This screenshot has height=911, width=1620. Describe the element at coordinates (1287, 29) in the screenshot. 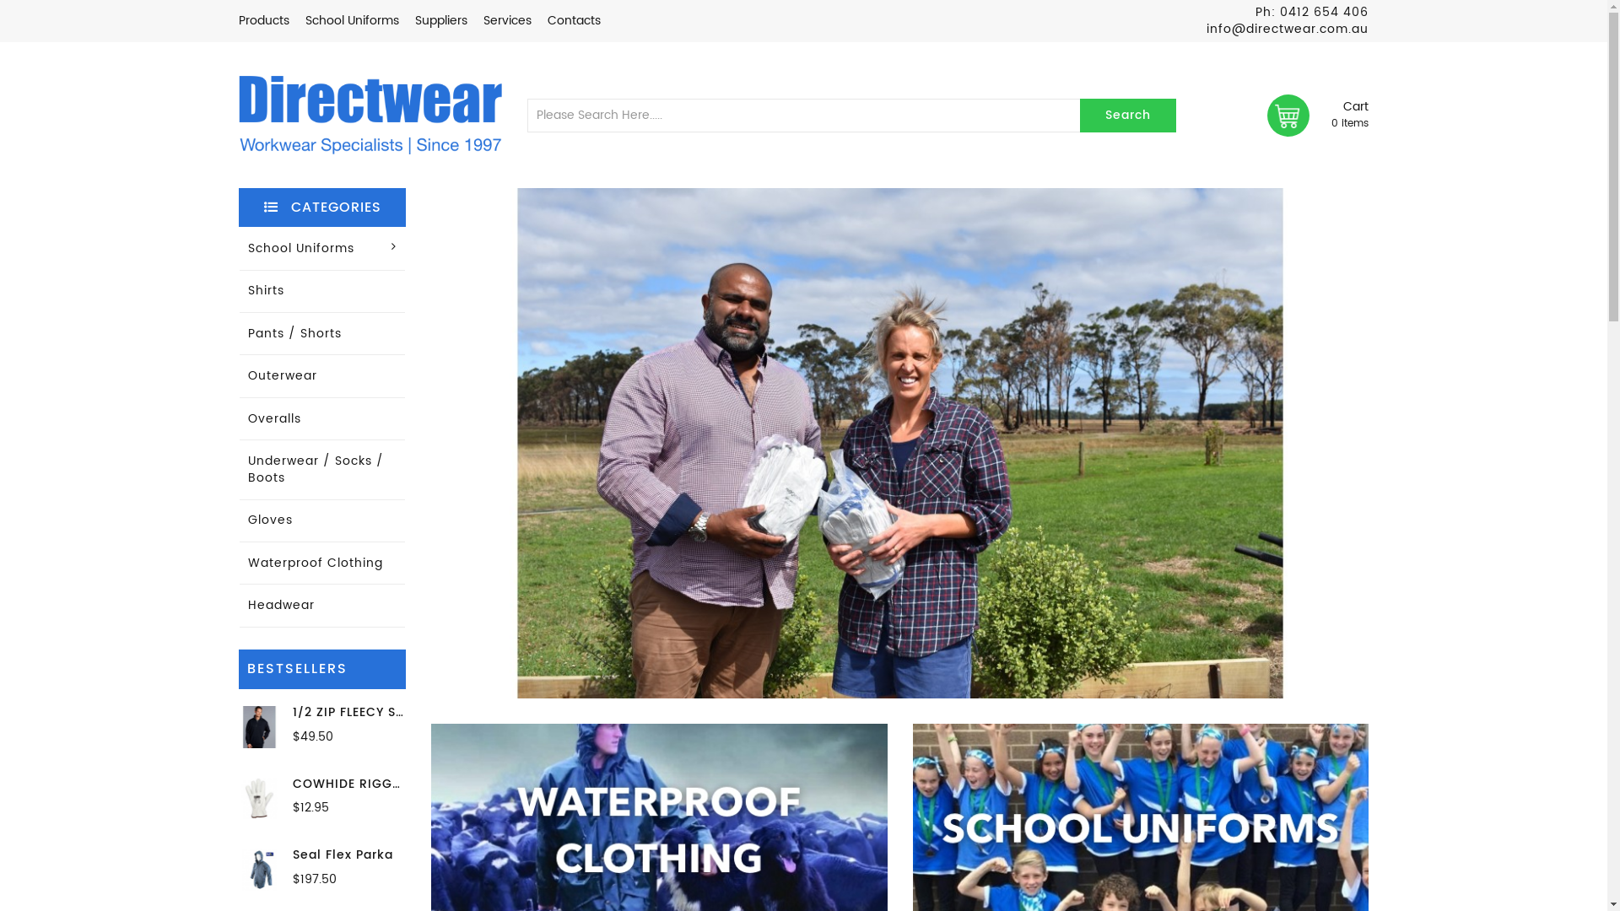

I see `'info@directwear.com.au'` at that location.